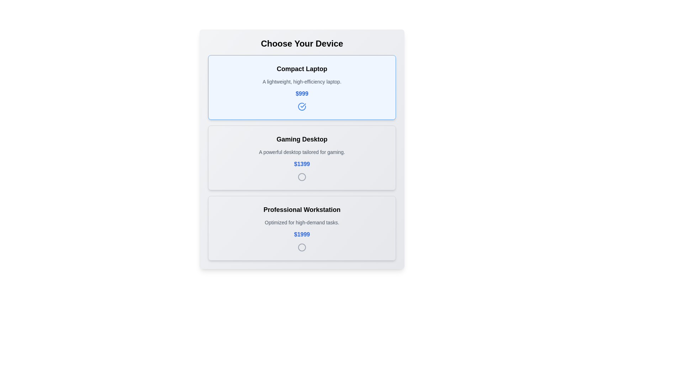 The image size is (683, 384). I want to click on the second radio button in the vertical stack of the 'Gaming Desktop' card, so click(302, 176).